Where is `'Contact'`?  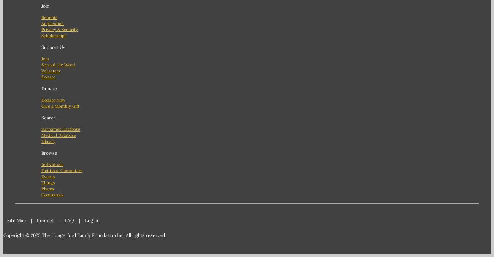 'Contact' is located at coordinates (44, 219).